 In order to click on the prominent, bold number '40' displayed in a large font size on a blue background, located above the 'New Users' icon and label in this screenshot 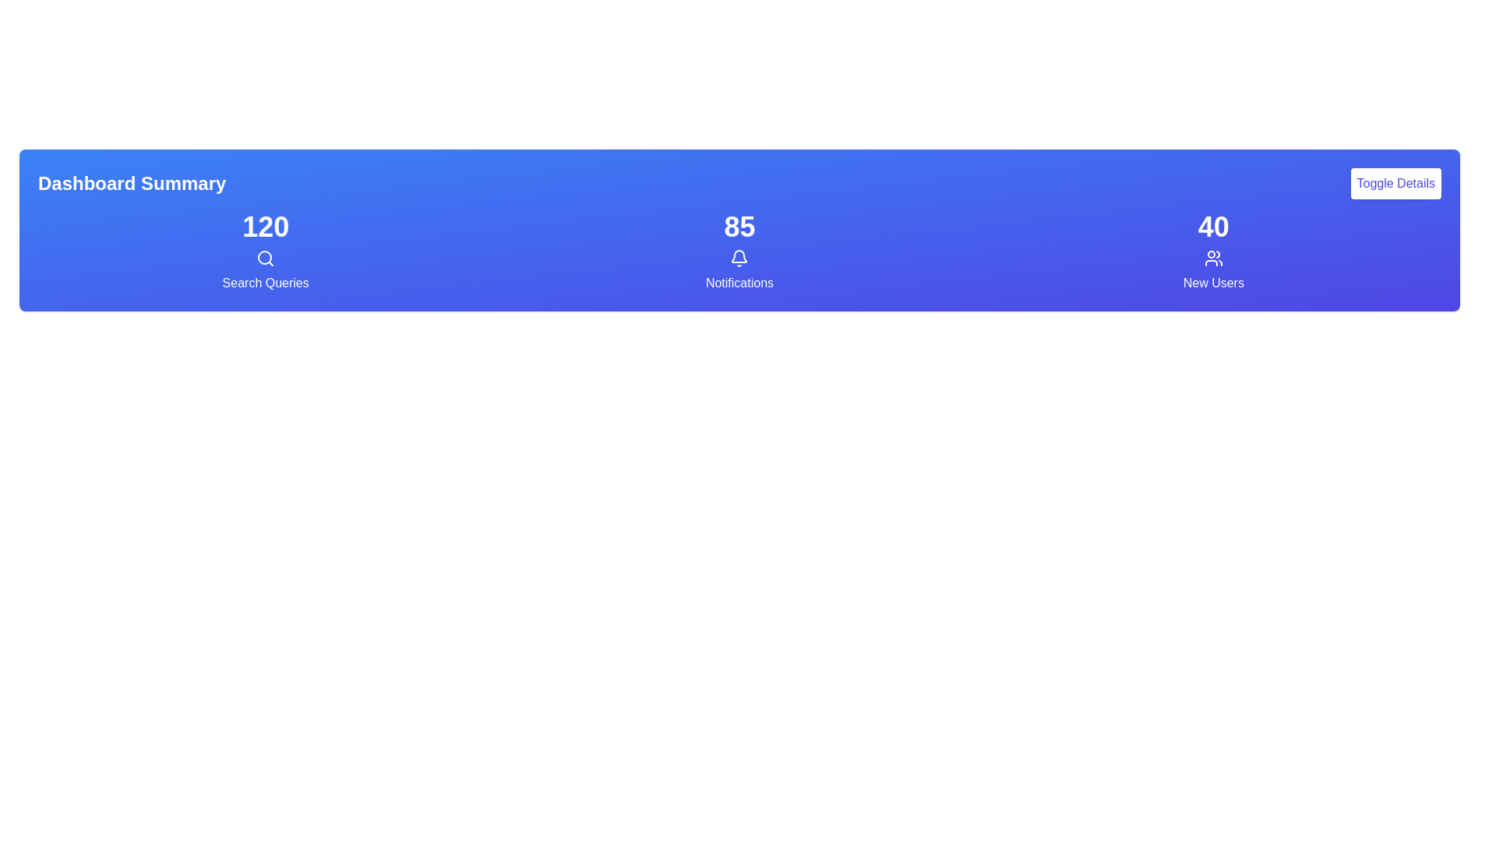, I will do `click(1212, 227)`.